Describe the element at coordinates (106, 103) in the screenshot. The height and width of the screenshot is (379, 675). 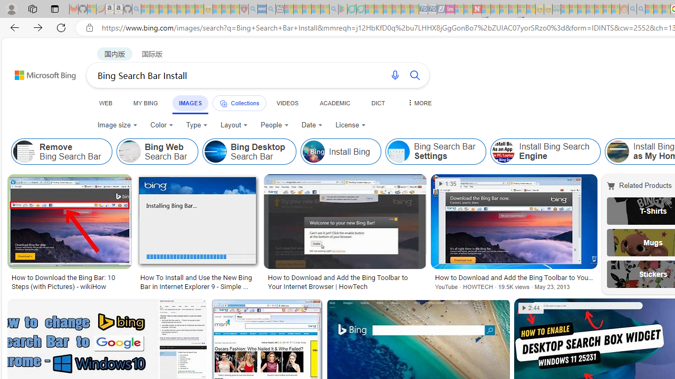
I see `'WEB'` at that location.